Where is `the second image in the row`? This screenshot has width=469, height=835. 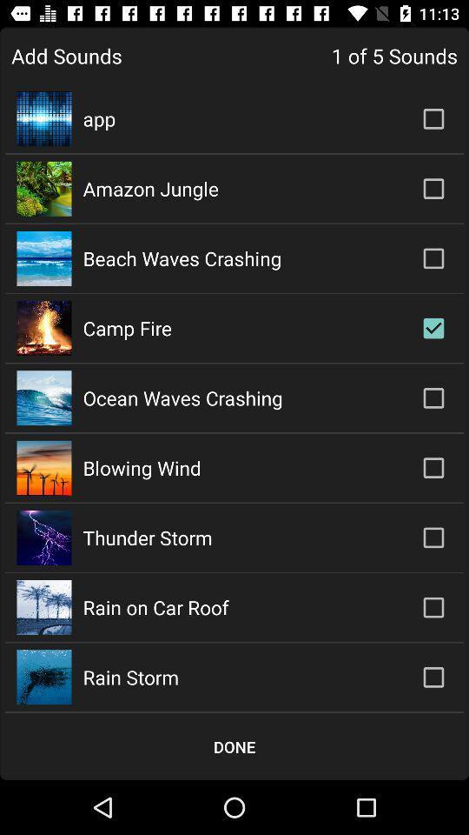 the second image in the row is located at coordinates (44, 189).